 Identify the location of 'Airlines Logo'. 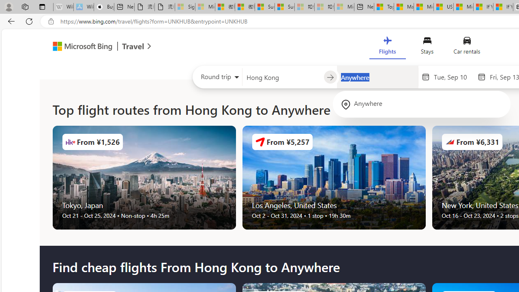
(449, 141).